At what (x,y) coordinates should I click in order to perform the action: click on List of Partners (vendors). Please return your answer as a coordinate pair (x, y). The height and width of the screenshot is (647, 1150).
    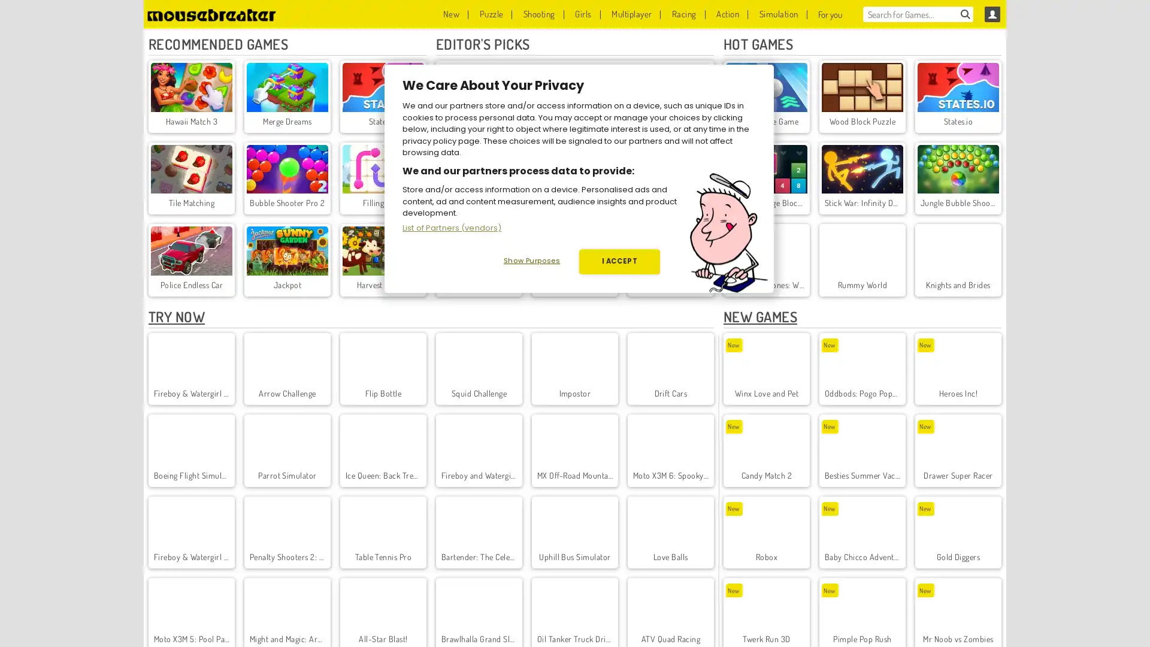
    Looking at the image, I should click on (451, 228).